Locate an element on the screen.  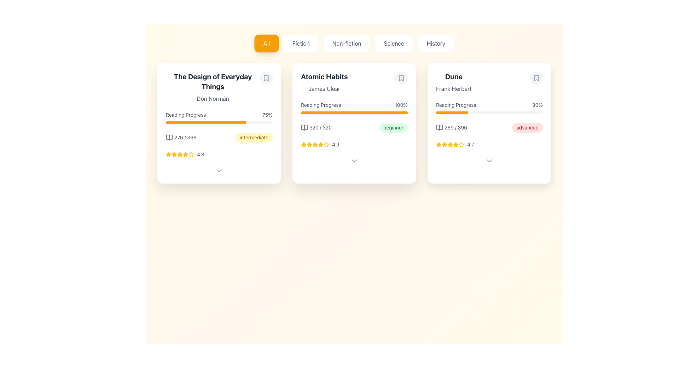
the icon representing reading progress, located to the left of the text '276 / 368' in the 'Reading Progress' section of the first card is located at coordinates (169, 138).